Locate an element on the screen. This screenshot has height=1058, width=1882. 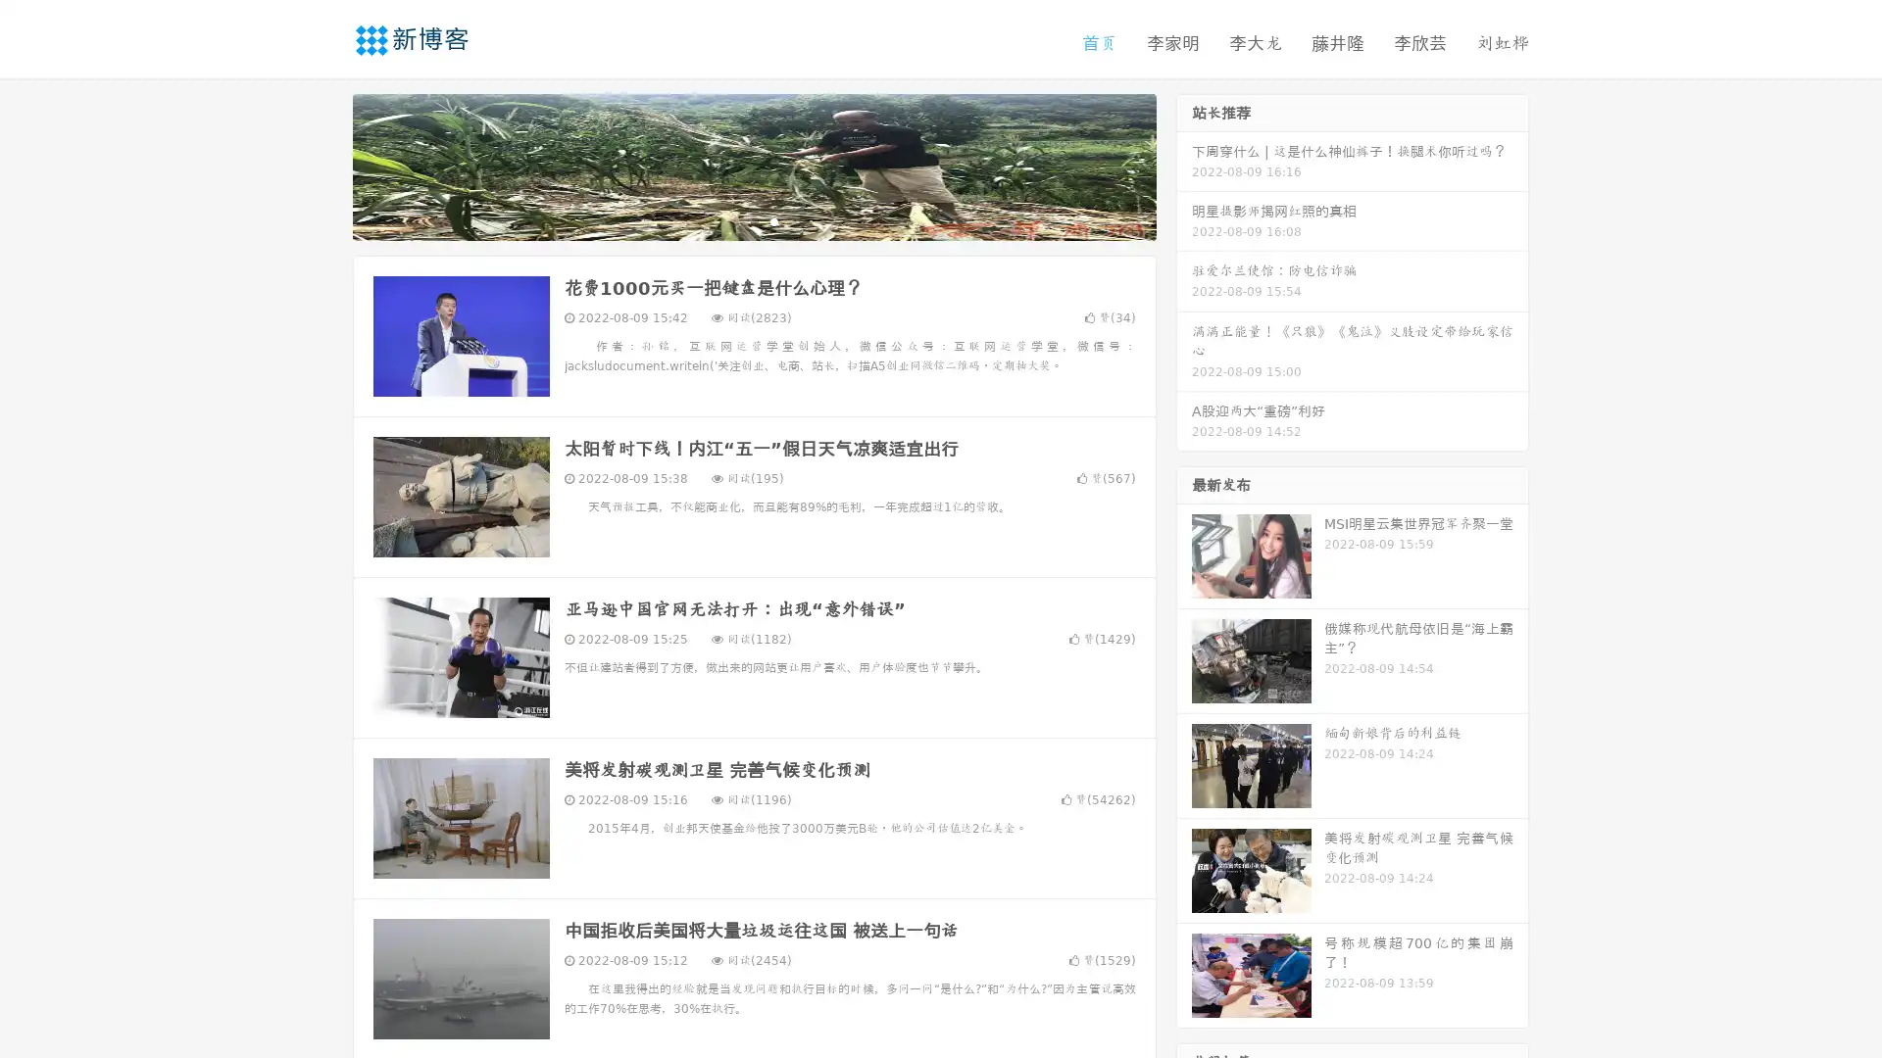
Next slide is located at coordinates (1184, 165).